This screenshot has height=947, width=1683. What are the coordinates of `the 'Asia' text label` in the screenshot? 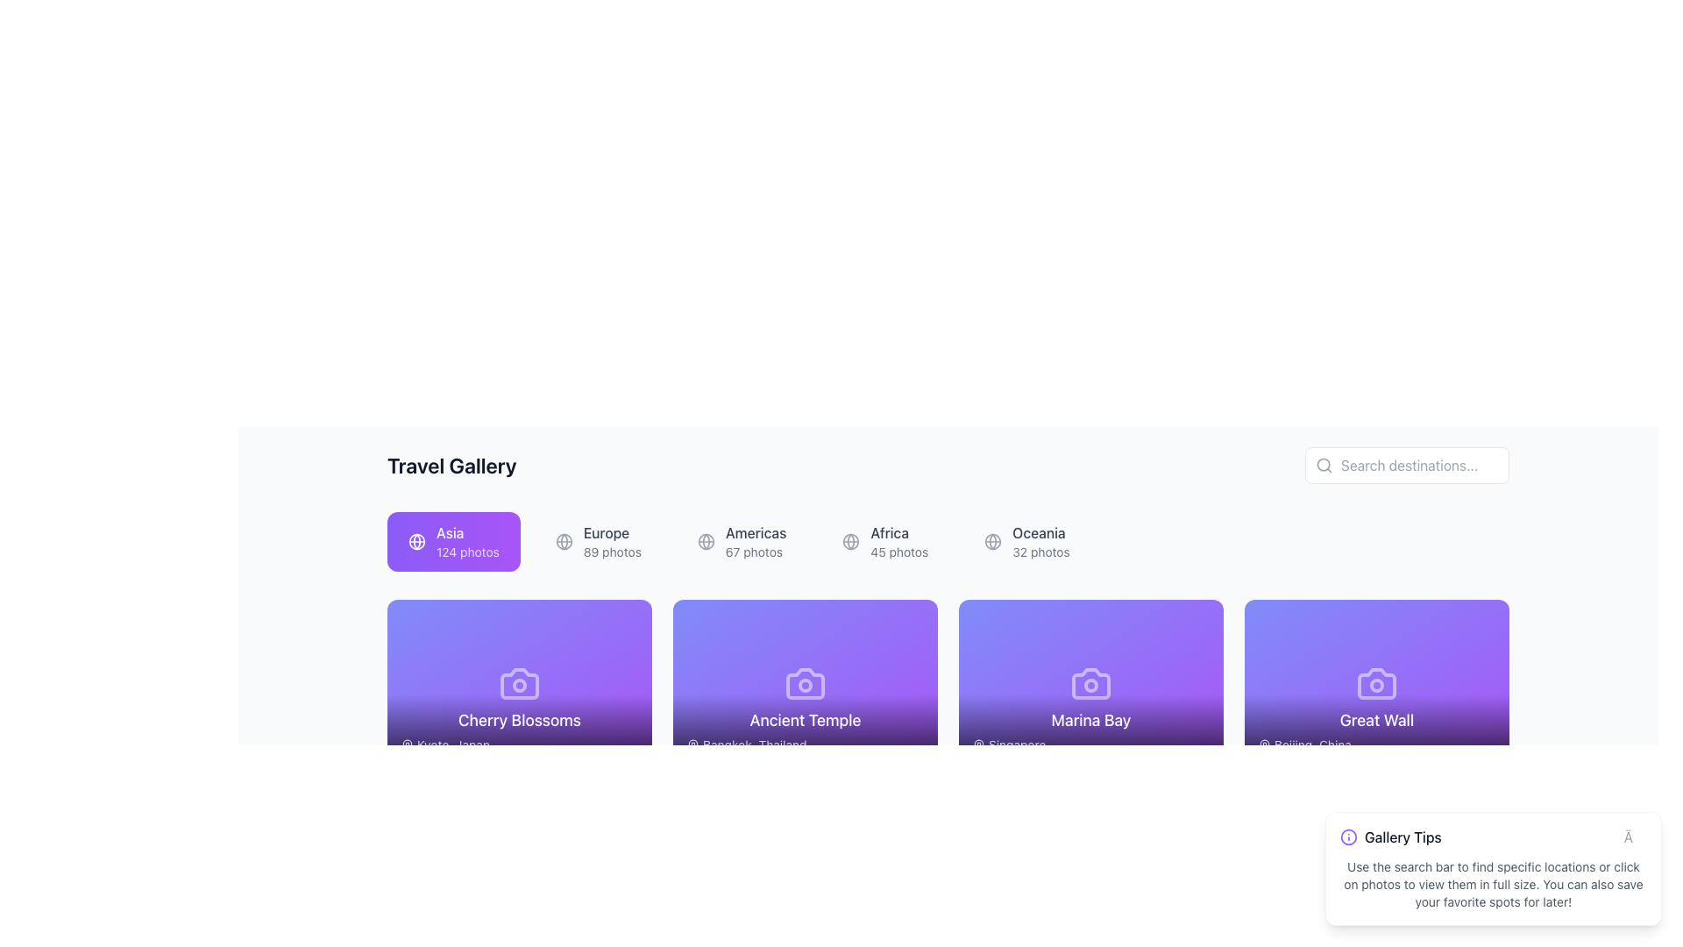 It's located at (467, 540).